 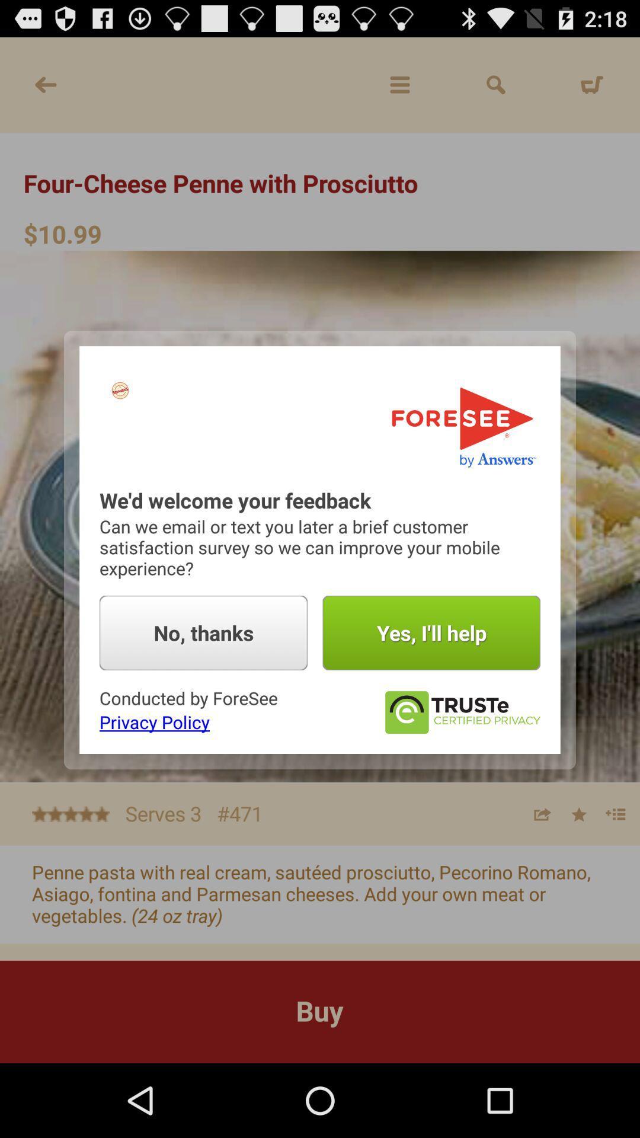 What do you see at coordinates (461, 712) in the screenshot?
I see `the item next to the conducted by foresee item` at bounding box center [461, 712].